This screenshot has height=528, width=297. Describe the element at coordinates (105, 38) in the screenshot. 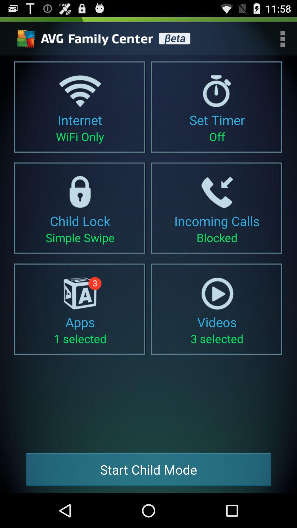

I see `settings` at that location.